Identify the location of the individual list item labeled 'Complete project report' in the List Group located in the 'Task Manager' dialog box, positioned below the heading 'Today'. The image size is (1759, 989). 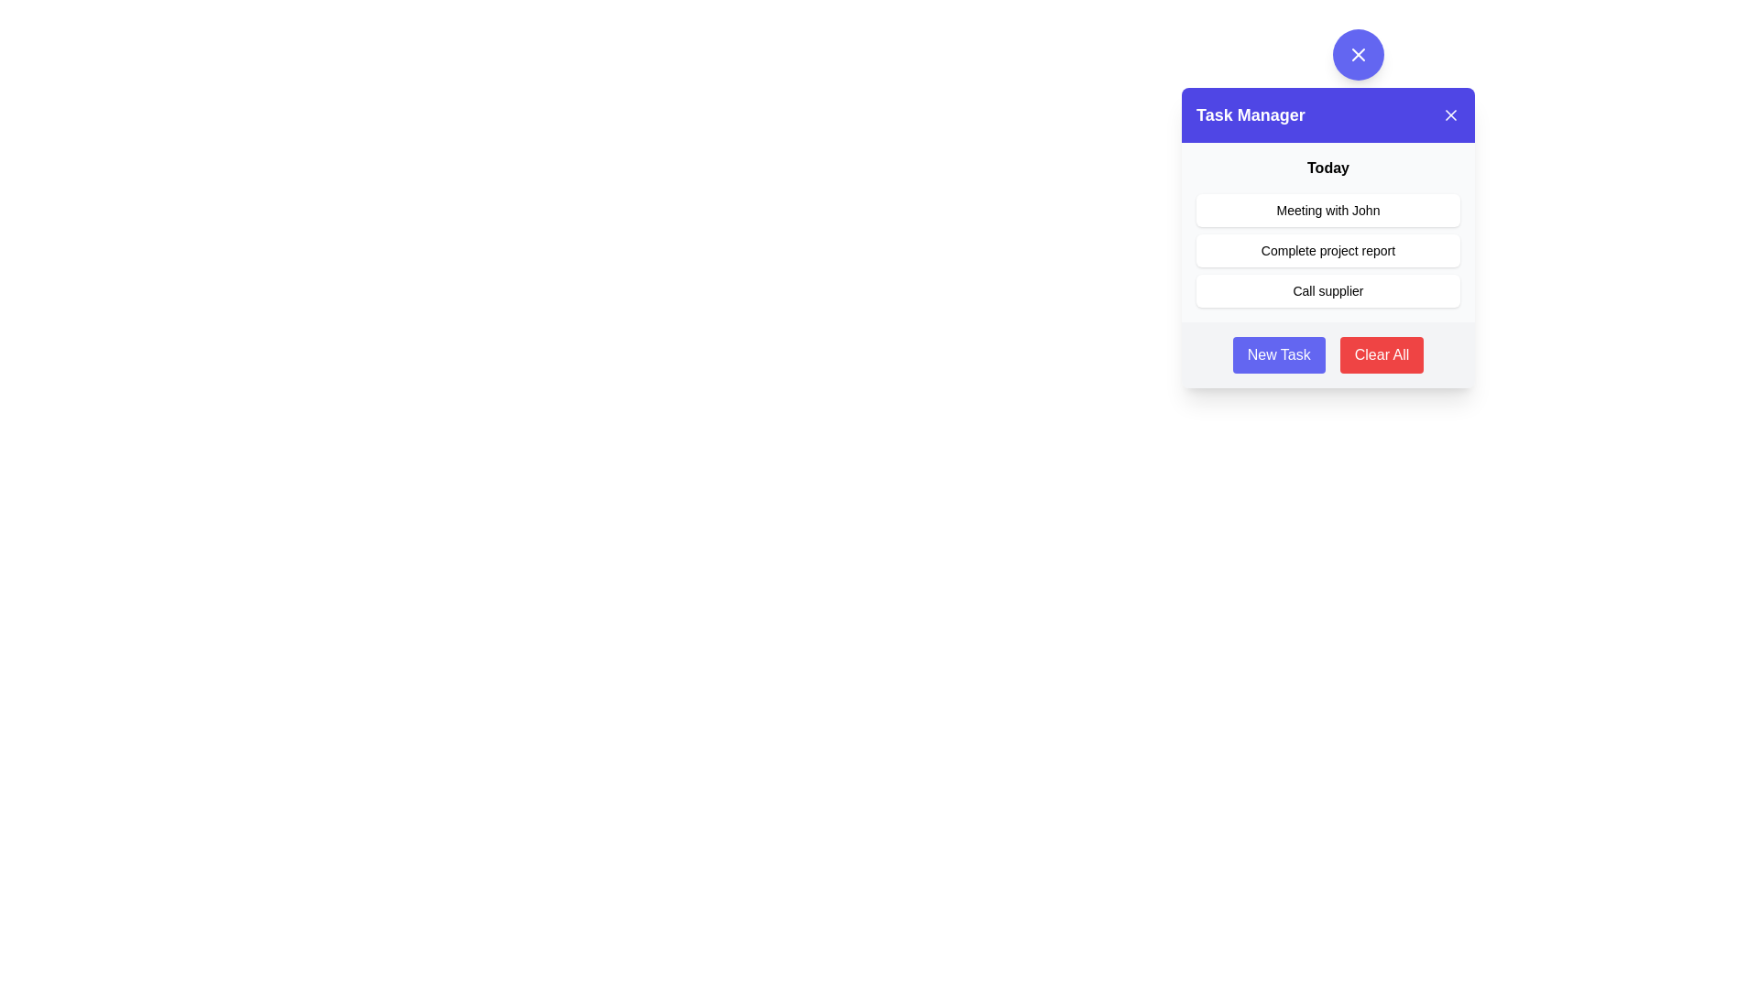
(1327, 250).